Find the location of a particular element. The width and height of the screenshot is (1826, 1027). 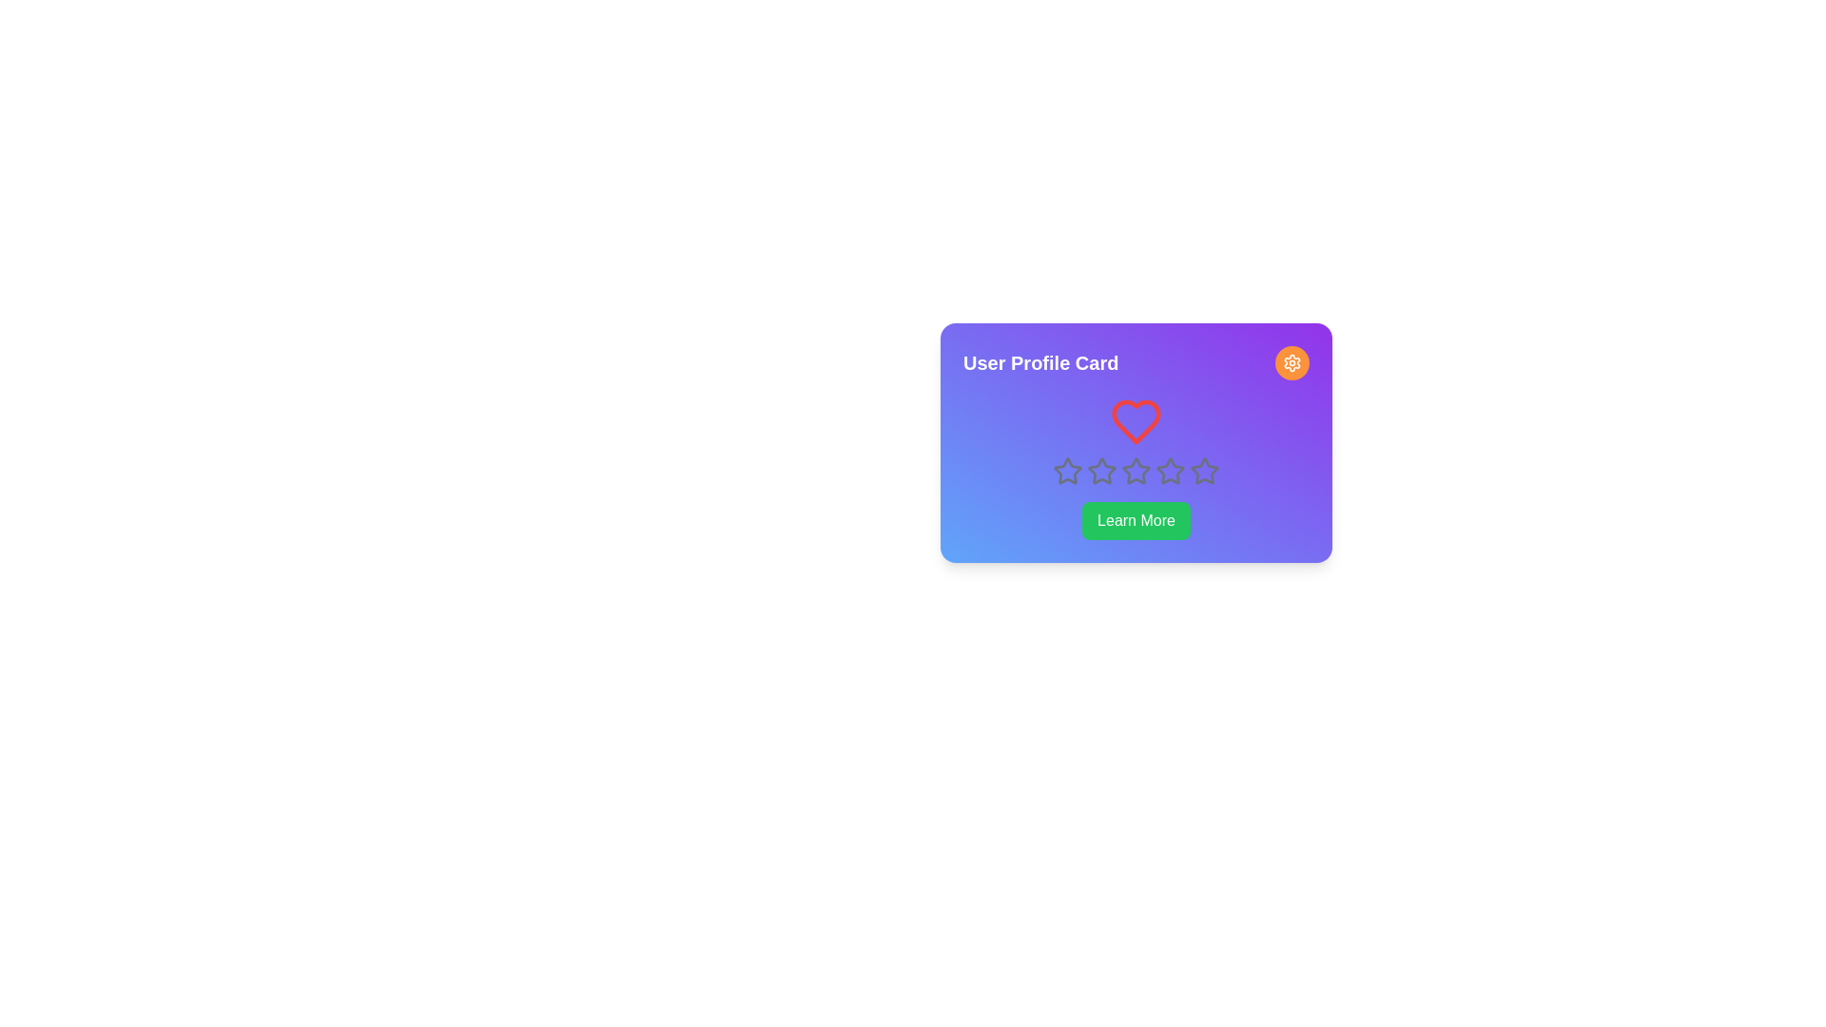

the orange gear-shaped icon located at the top-right corner of the 'User Profile Card' is located at coordinates (1292, 362).